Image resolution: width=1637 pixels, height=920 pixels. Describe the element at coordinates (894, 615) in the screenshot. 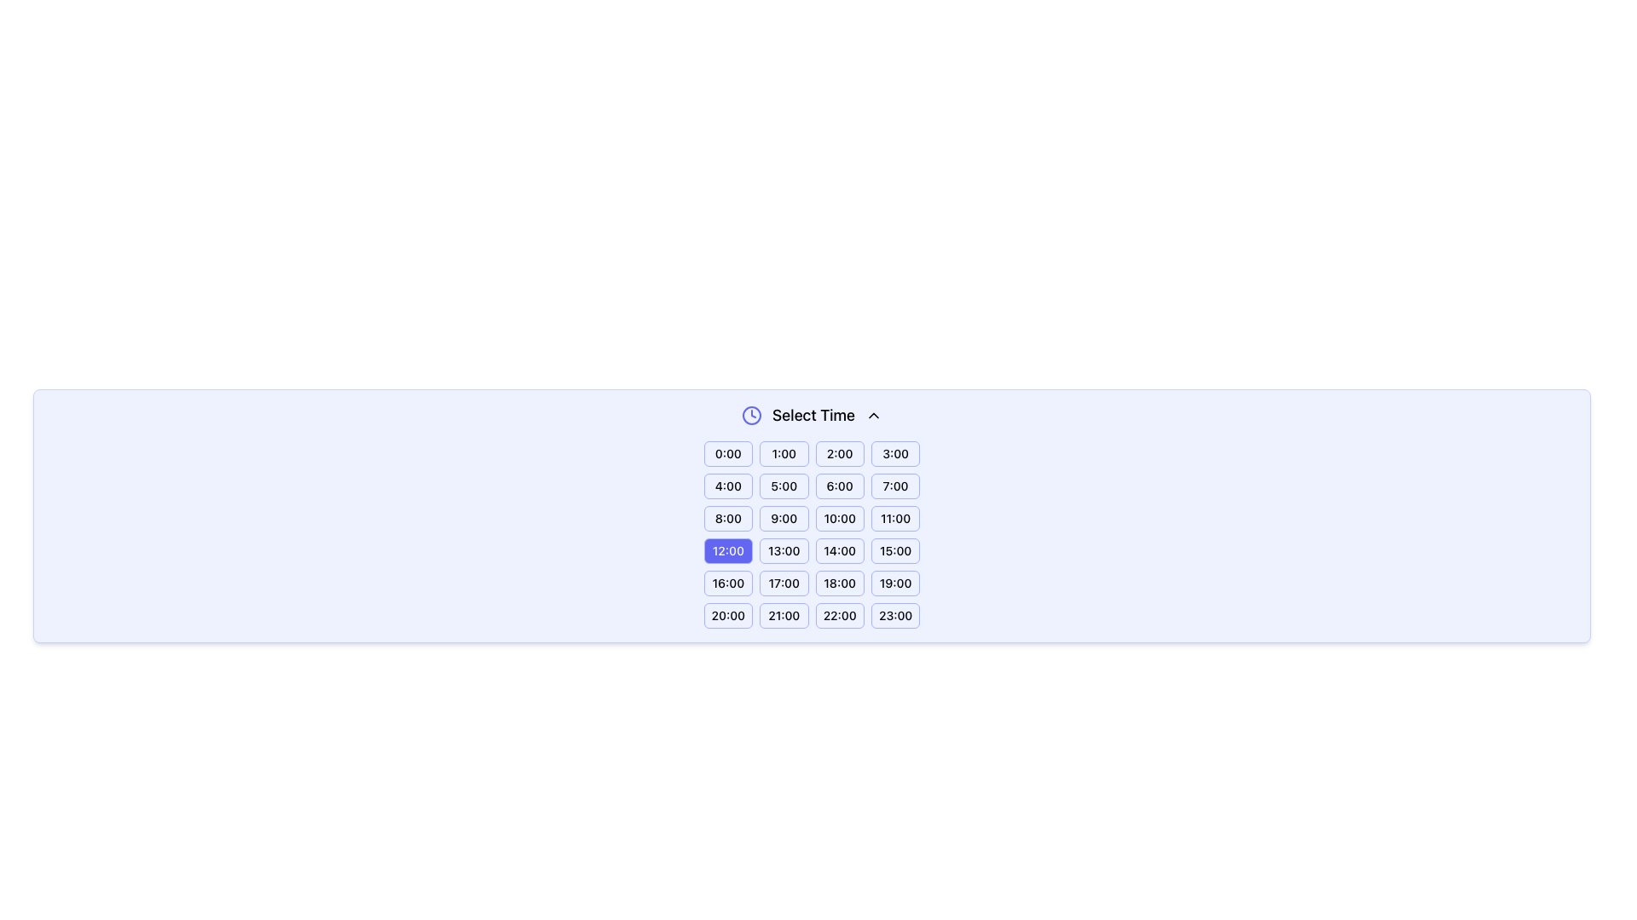

I see `the button displaying '23:00', which is a rounded rectangular button located in the bottom-right corner of the grid` at that location.